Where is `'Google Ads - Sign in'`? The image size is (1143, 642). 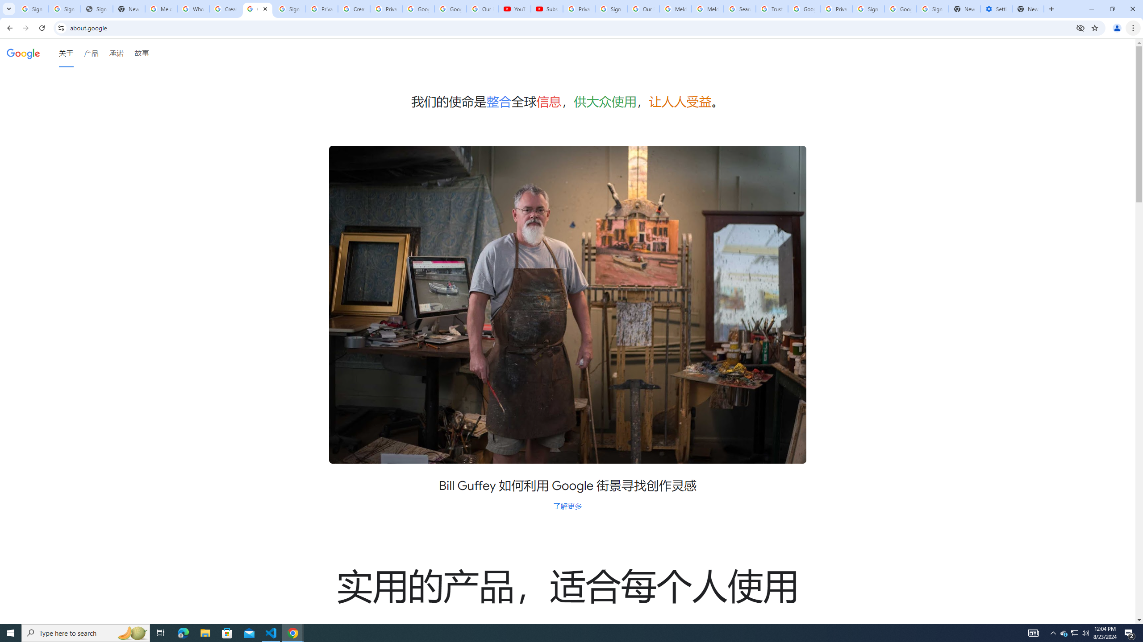 'Google Ads - Sign in' is located at coordinates (803, 8).